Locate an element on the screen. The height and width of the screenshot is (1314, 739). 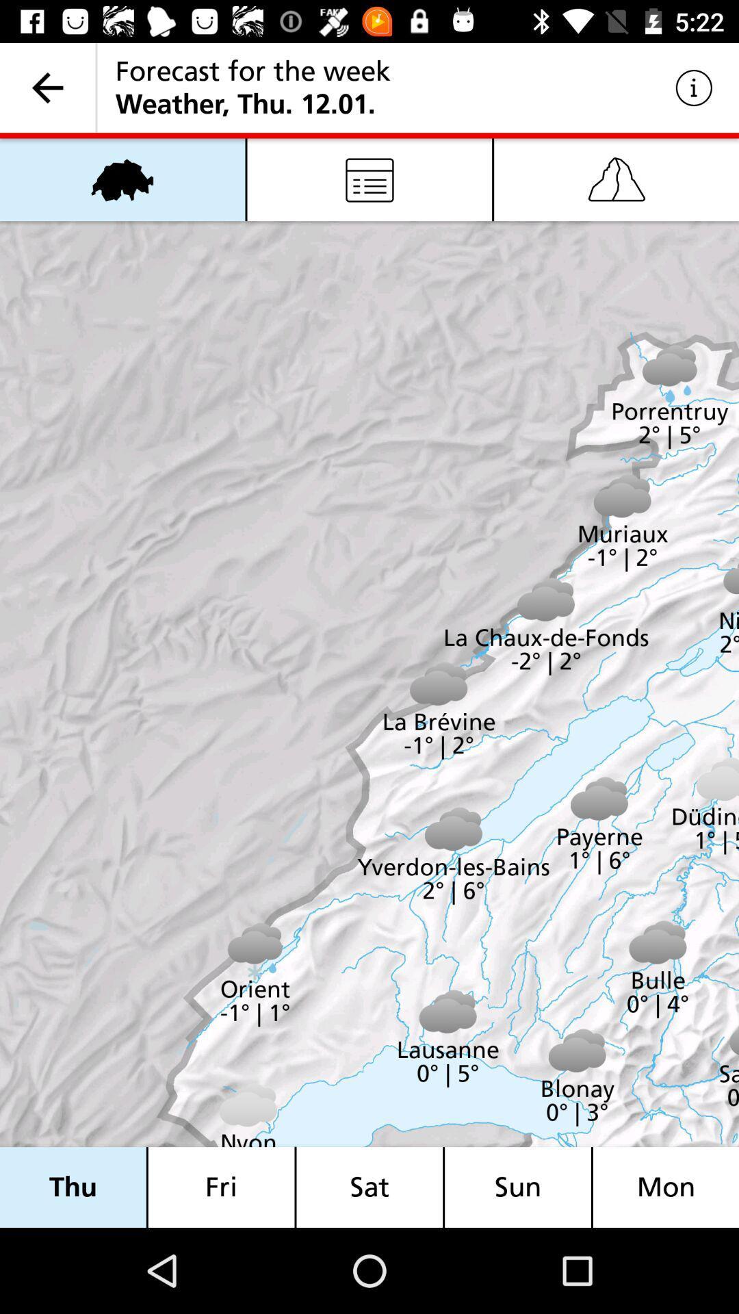
item to the left of the sun item is located at coordinates (369, 1187).